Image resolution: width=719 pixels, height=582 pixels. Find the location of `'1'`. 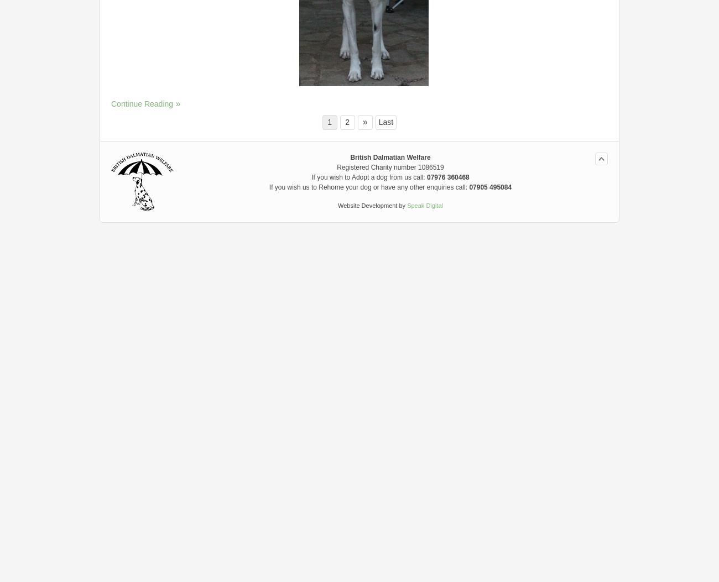

'1' is located at coordinates (329, 121).